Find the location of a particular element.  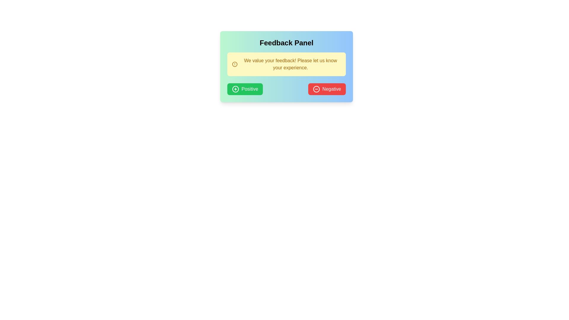

the circular red icon with a minus symbol located within the 'Negative' button at the bottom right of the 'Feedback Panel' is located at coordinates (316, 89).